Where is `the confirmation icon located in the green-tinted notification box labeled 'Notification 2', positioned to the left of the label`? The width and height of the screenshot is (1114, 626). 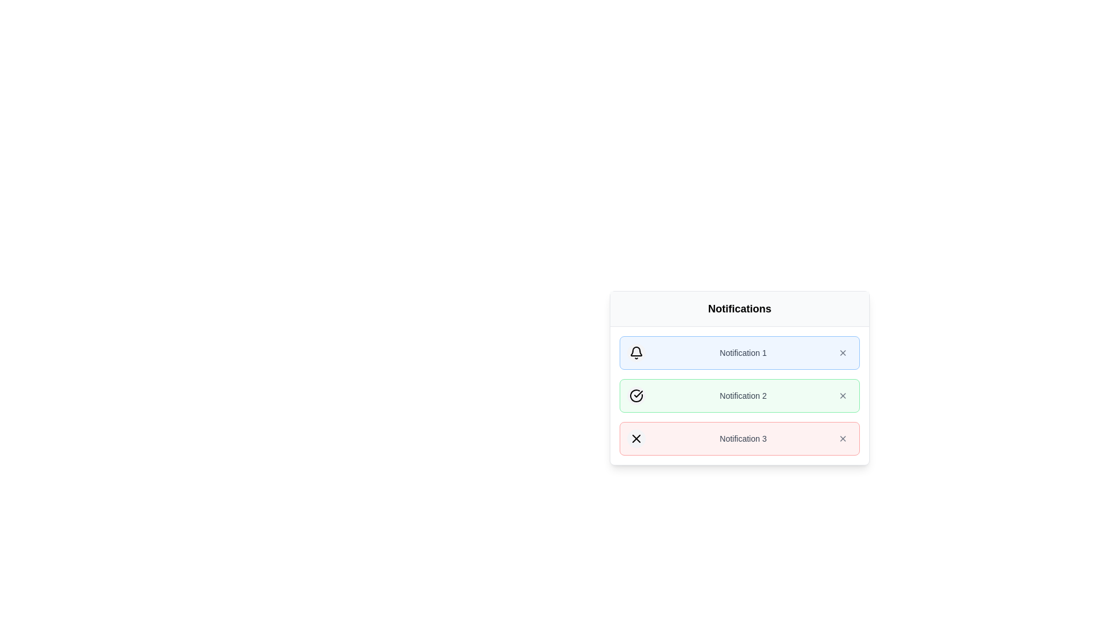 the confirmation icon located in the green-tinted notification box labeled 'Notification 2', positioned to the left of the label is located at coordinates (636, 395).